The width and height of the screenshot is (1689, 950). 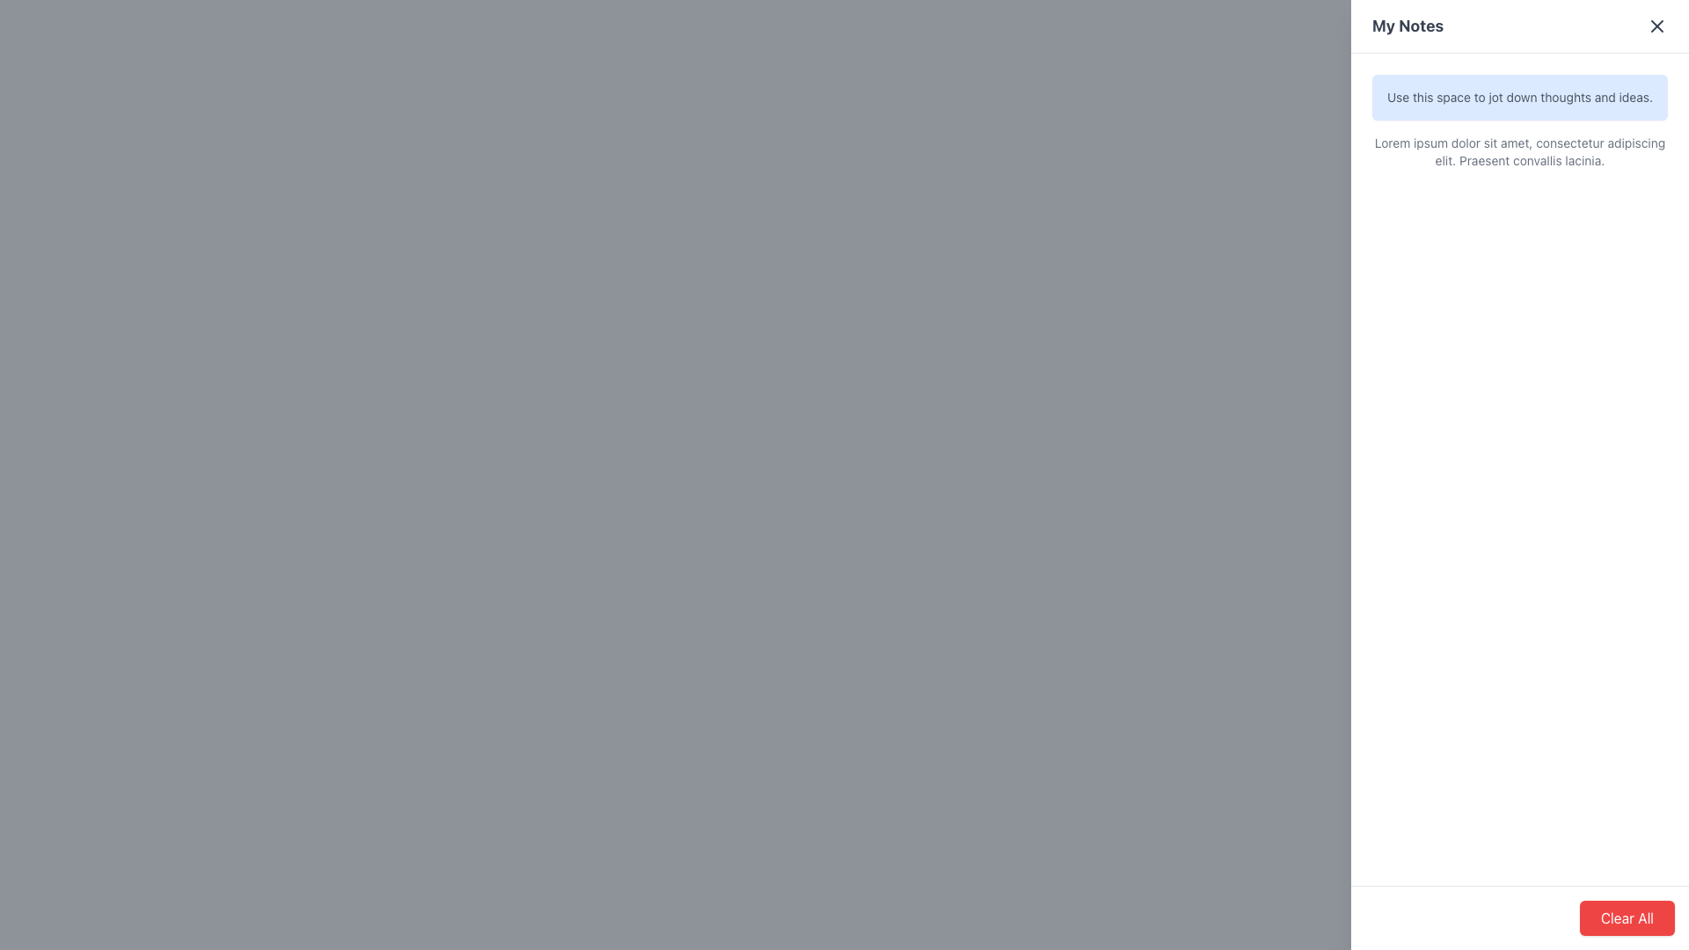 What do you see at coordinates (1407, 26) in the screenshot?
I see `the static text label that serves as the header for the notes side panel, located at the top-left corner of the panel and positioned to the left of the close button` at bounding box center [1407, 26].